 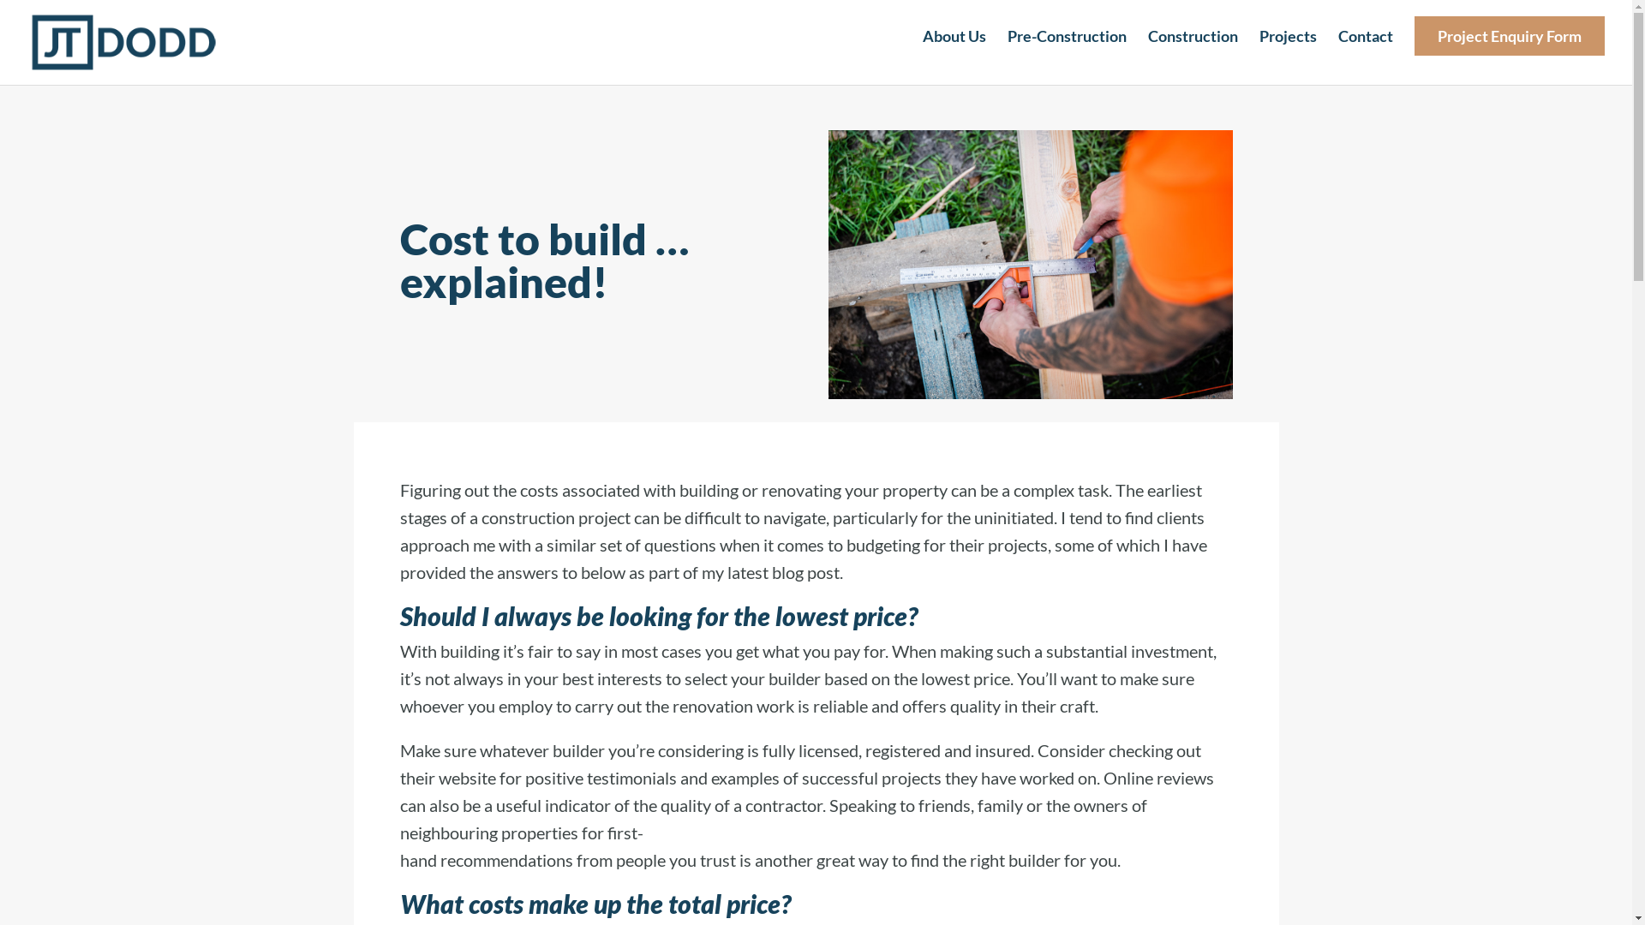 What do you see at coordinates (921, 50) in the screenshot?
I see `'About Us'` at bounding box center [921, 50].